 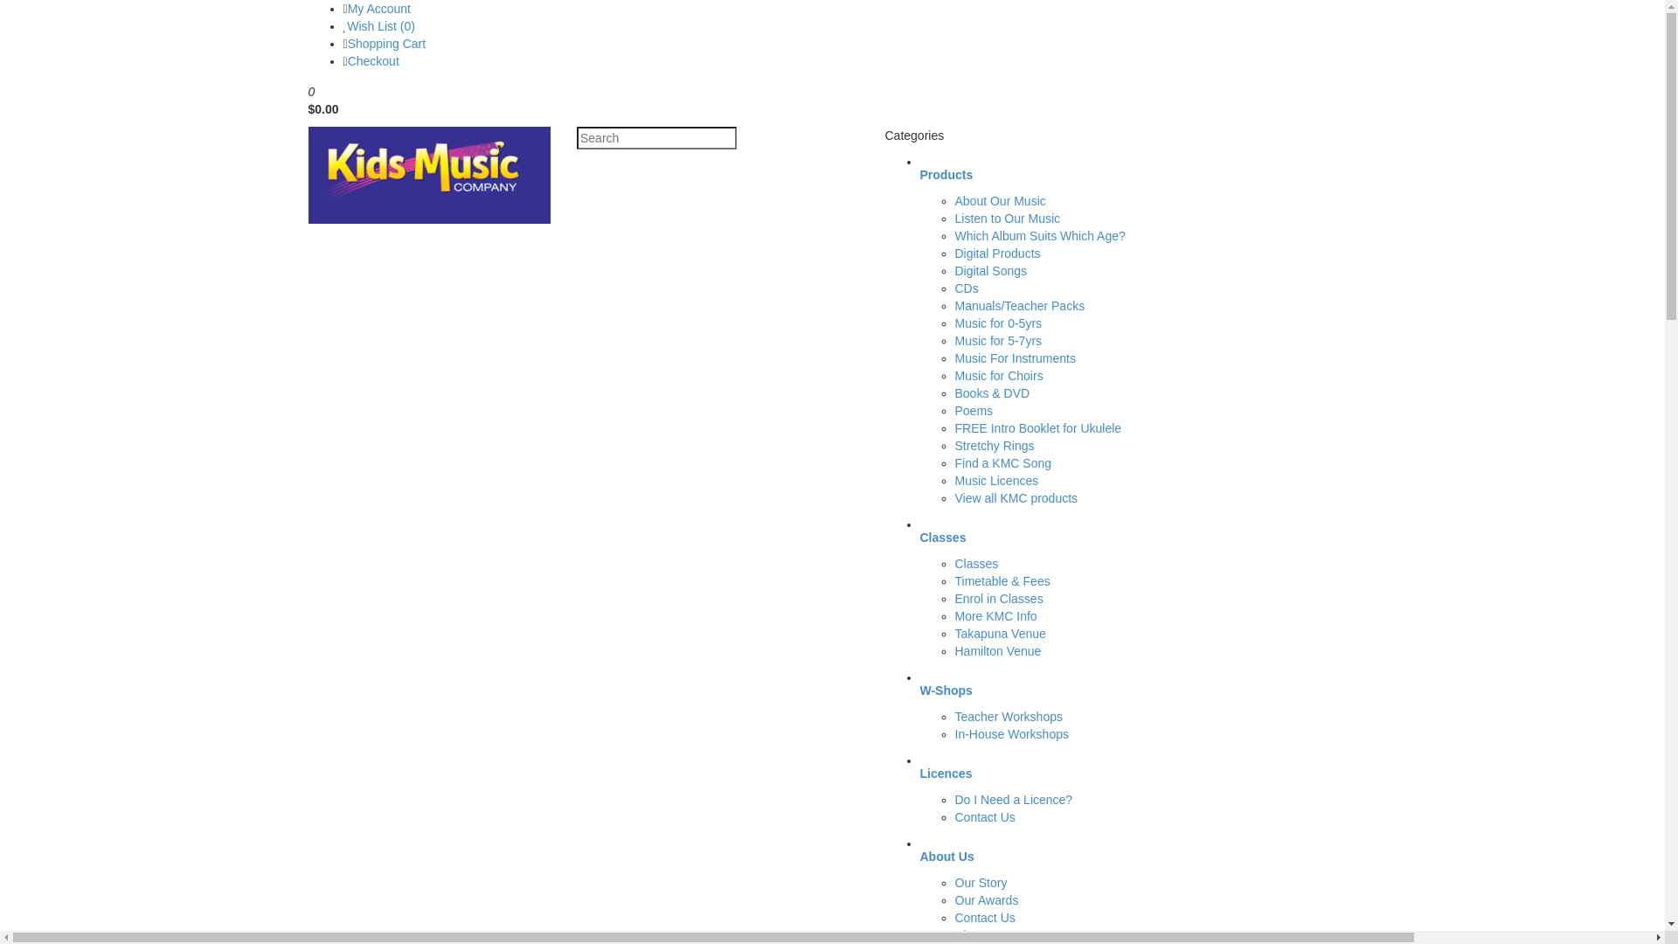 I want to click on 'Stretchy Rings', so click(x=994, y=444).